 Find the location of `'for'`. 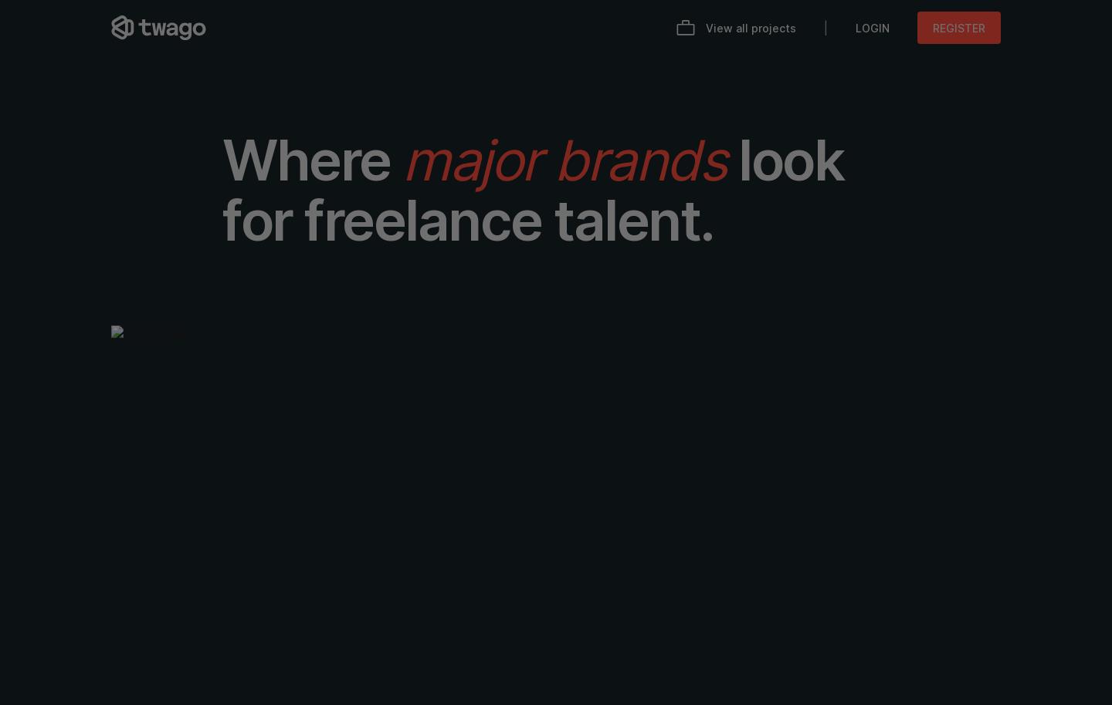

'for' is located at coordinates (257, 220).